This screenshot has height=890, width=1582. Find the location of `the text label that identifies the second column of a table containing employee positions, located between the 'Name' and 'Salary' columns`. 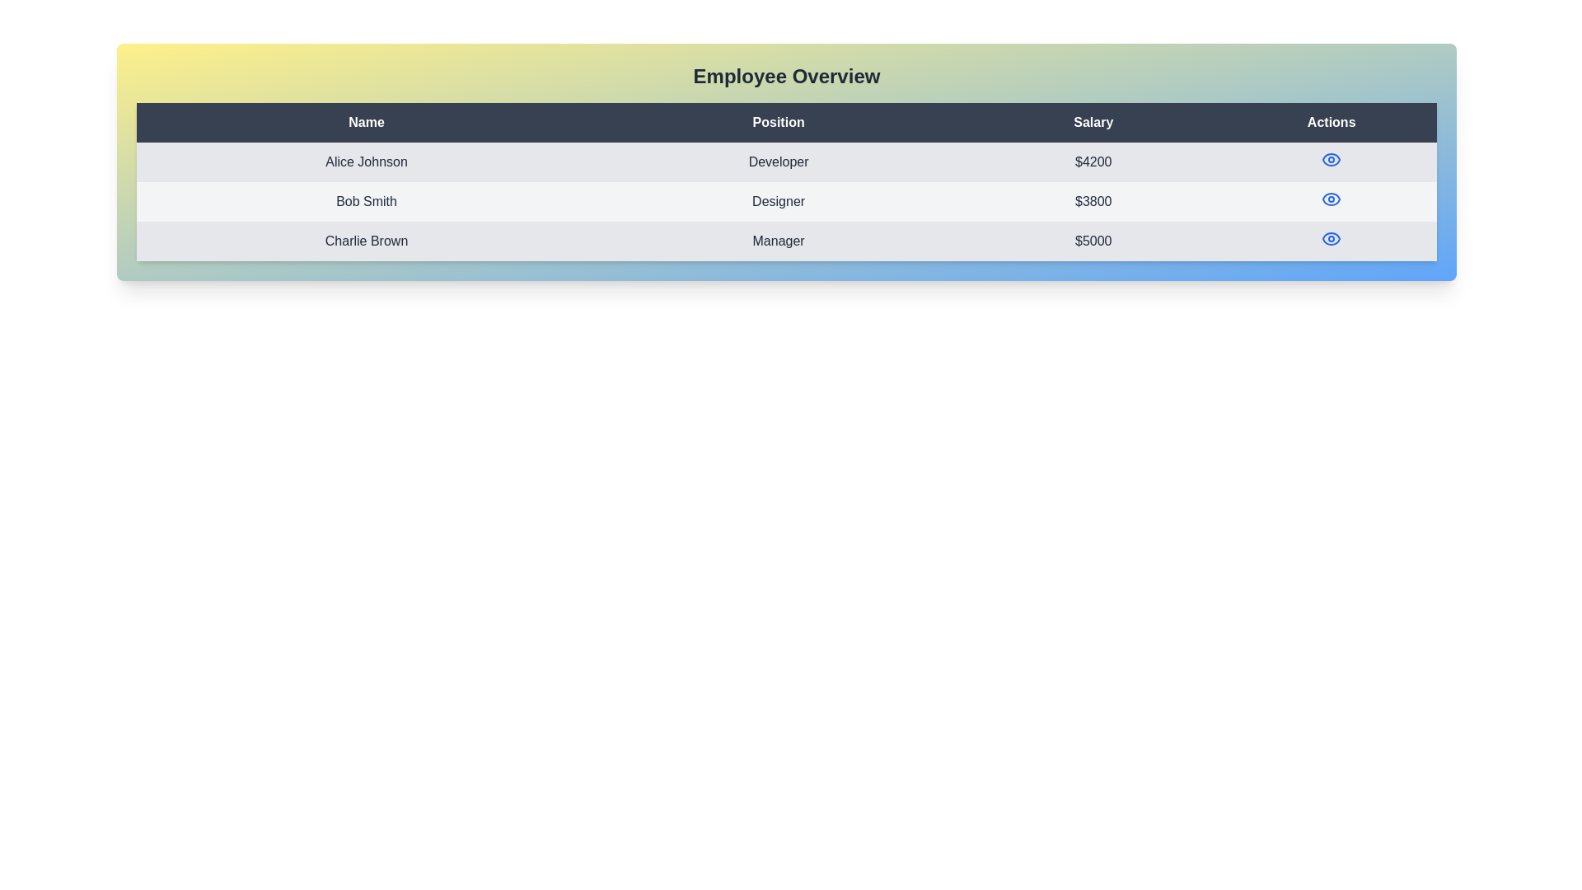

the text label that identifies the second column of a table containing employee positions, located between the 'Name' and 'Salary' columns is located at coordinates (778, 122).